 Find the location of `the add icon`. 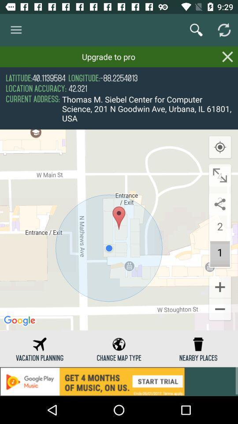

the add icon is located at coordinates (219, 286).